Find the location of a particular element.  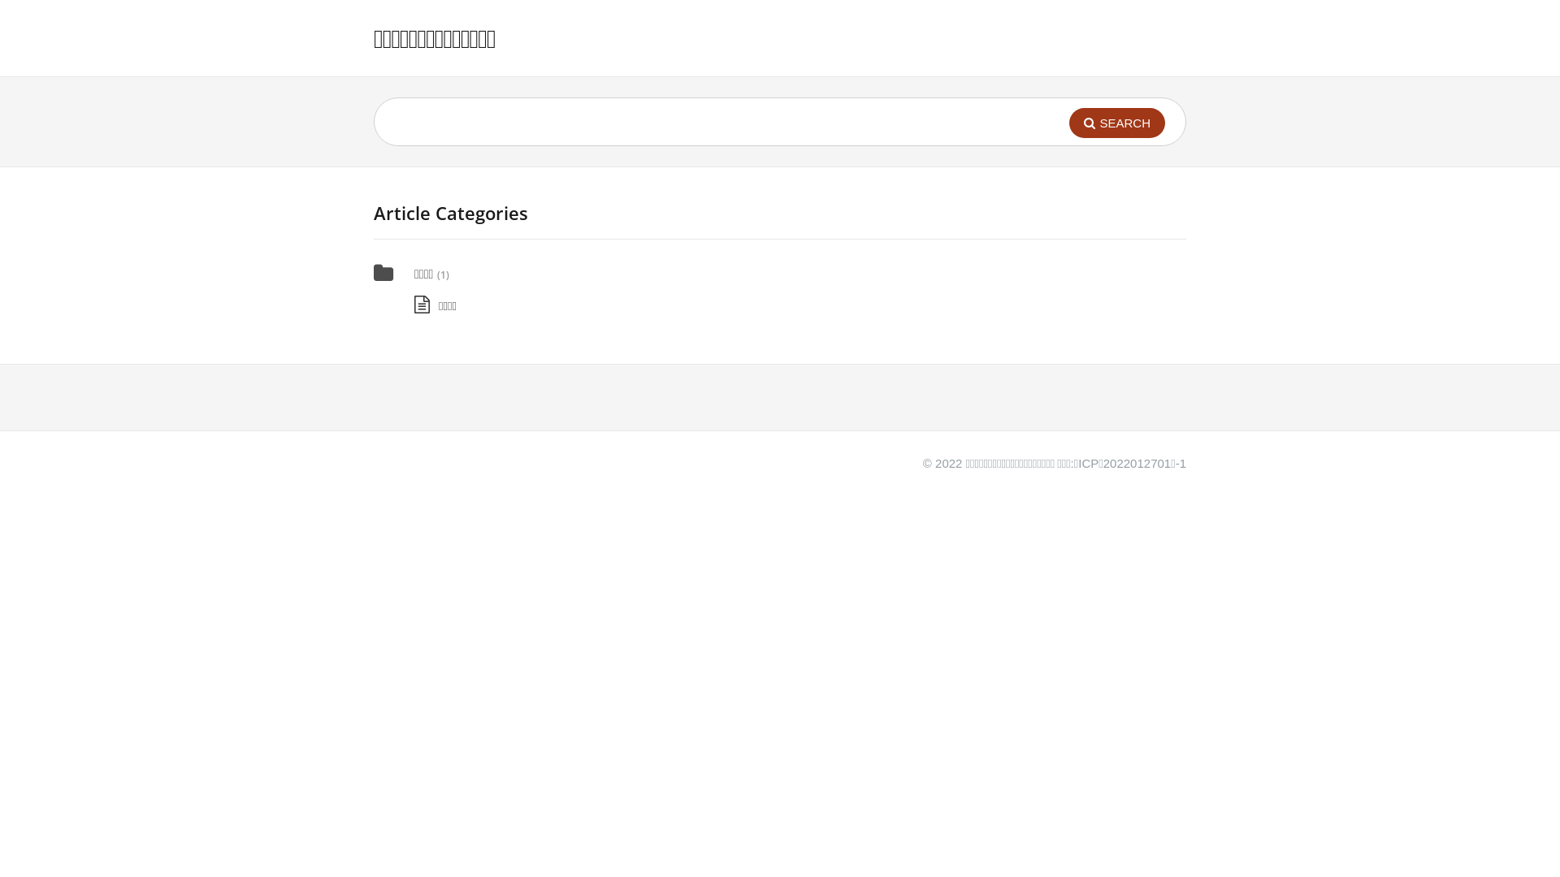

'SEARCH' is located at coordinates (1116, 122).